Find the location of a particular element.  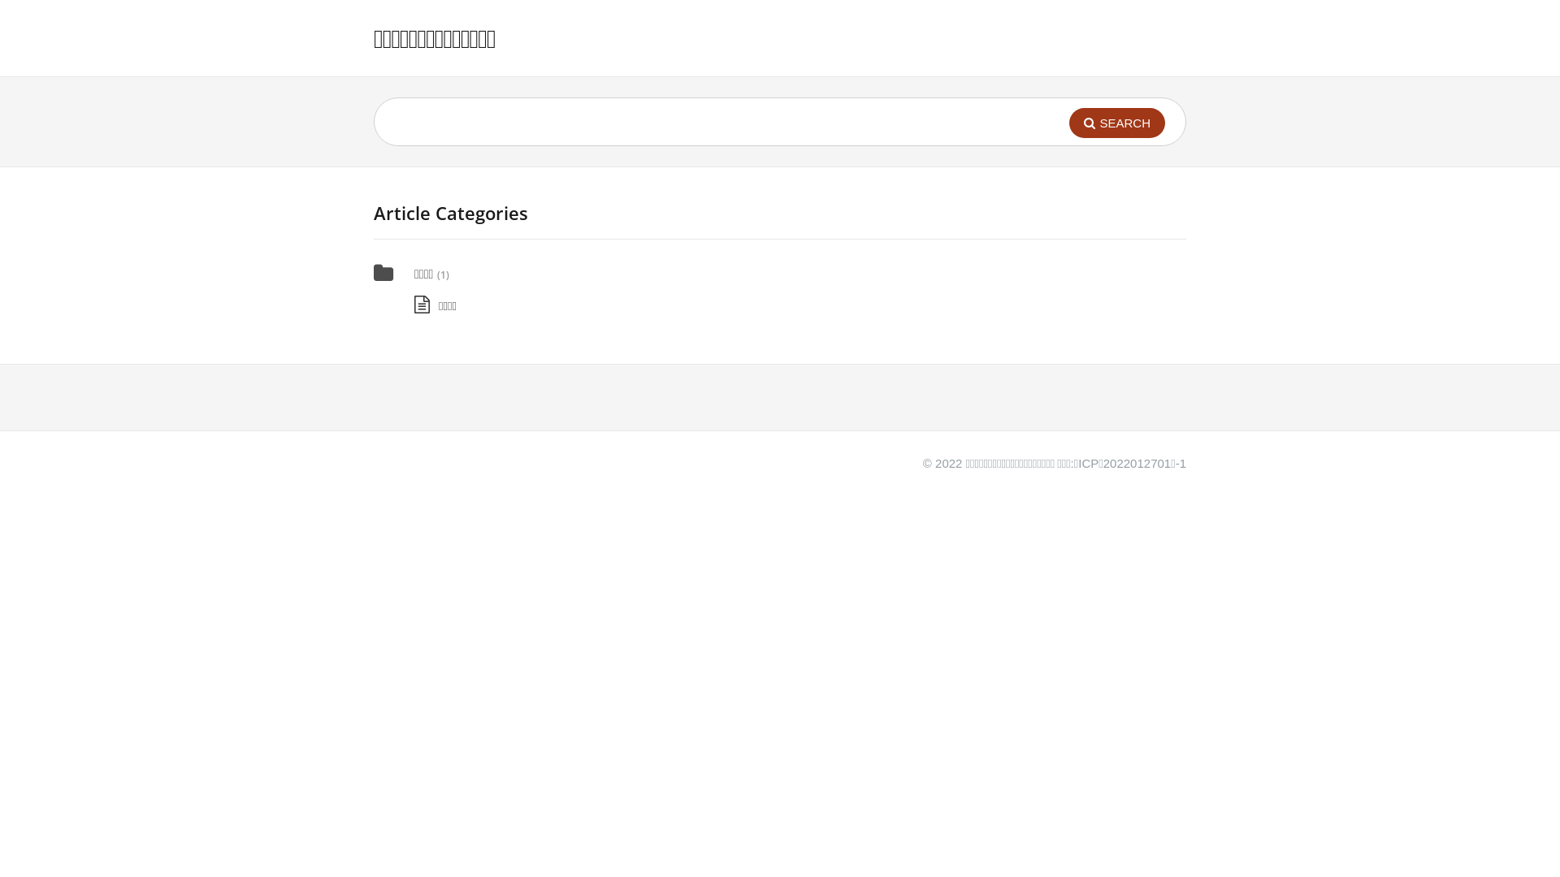

'SEARCH' is located at coordinates (1116, 122).